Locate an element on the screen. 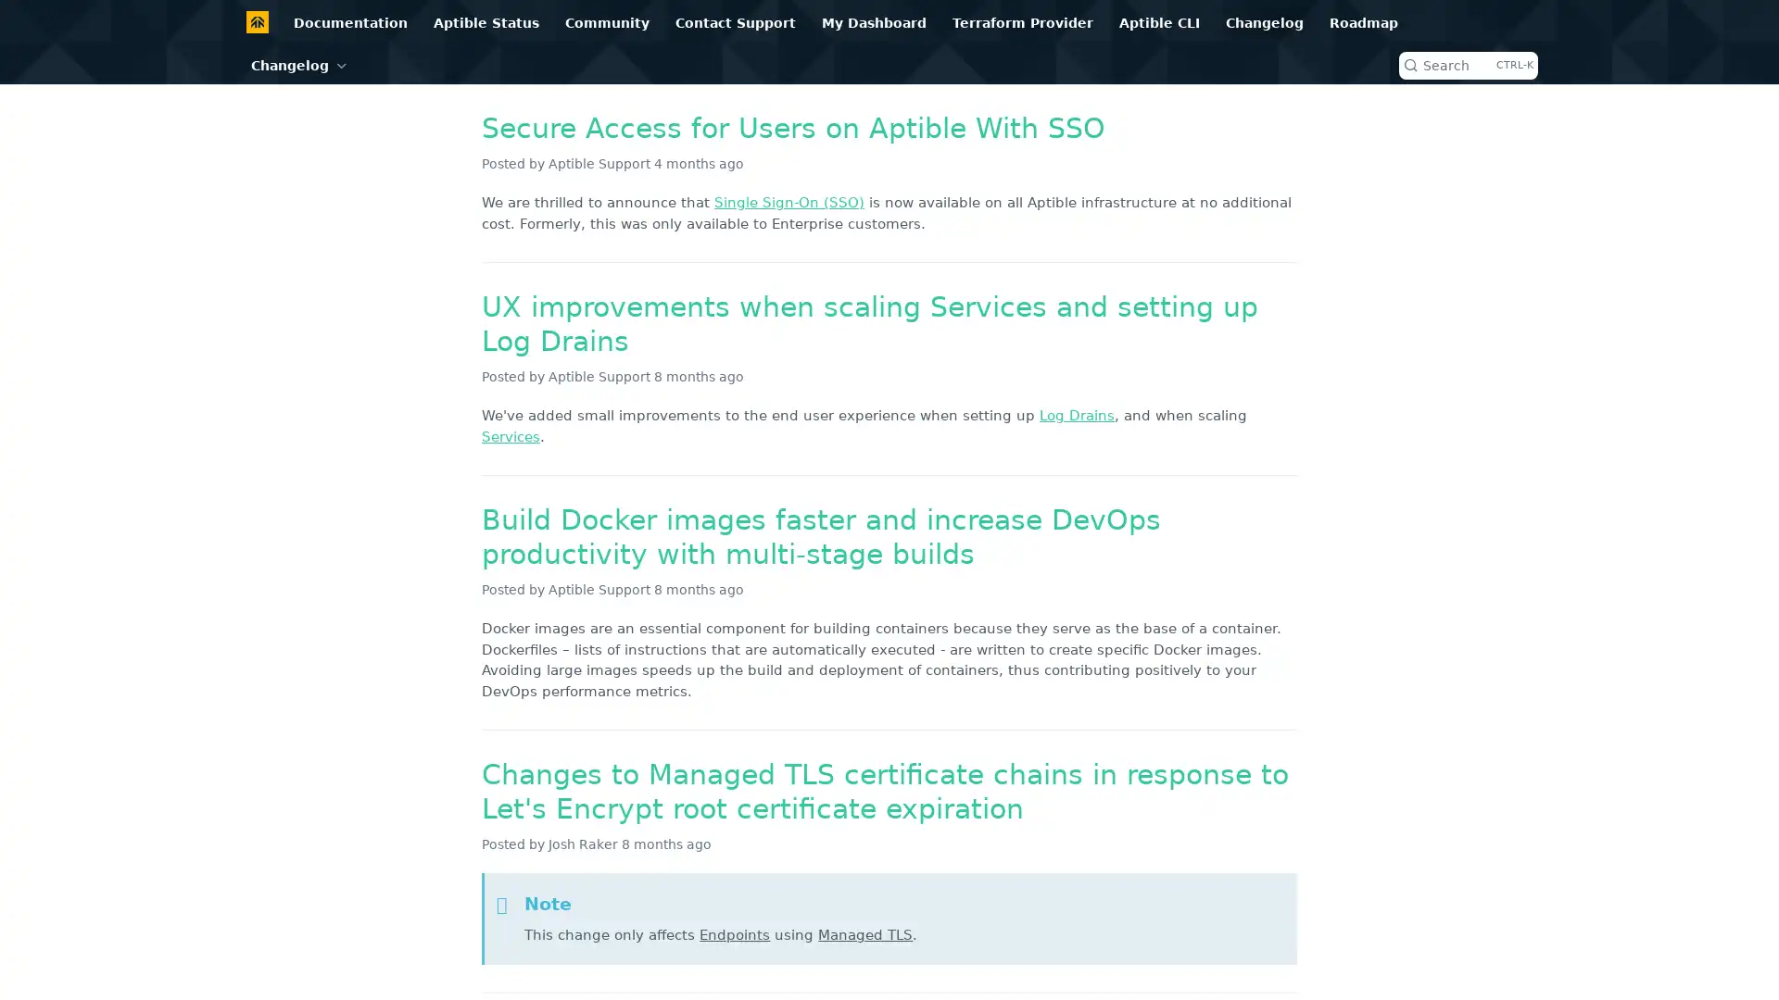 Image resolution: width=1779 pixels, height=1000 pixels. Changelog is located at coordinates (297, 64).